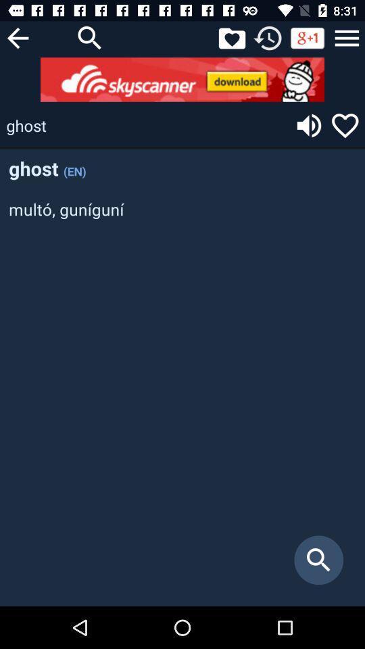 This screenshot has height=649, width=365. Describe the element at coordinates (309, 125) in the screenshot. I see `the volume icon` at that location.